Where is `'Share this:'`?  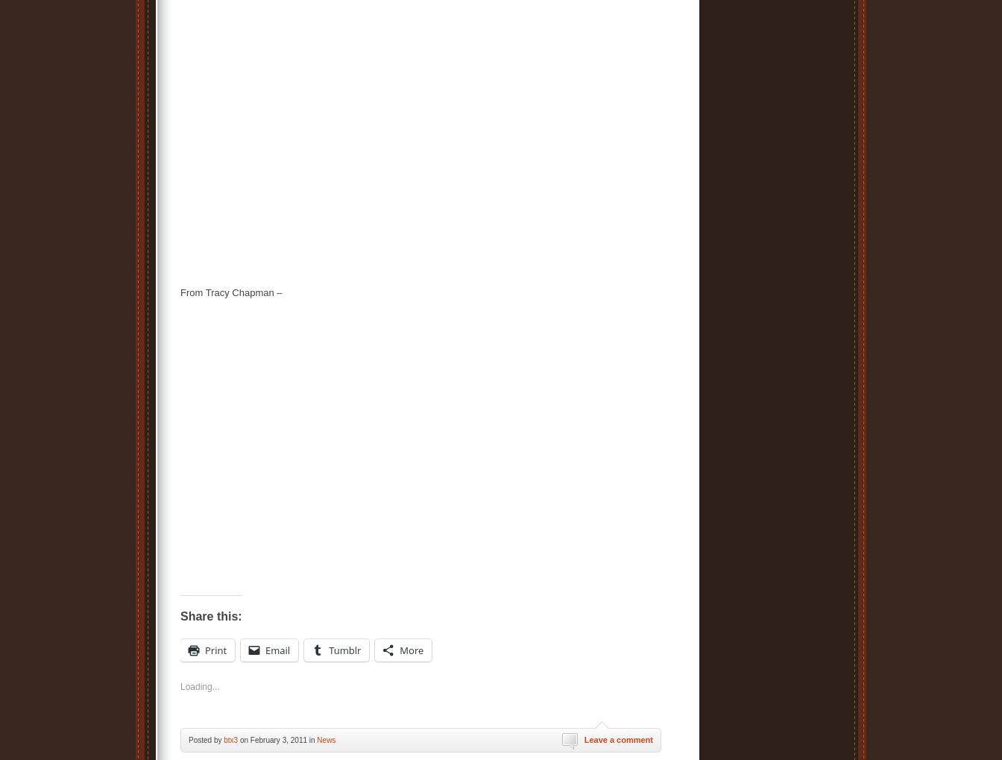
'Share this:' is located at coordinates (211, 616).